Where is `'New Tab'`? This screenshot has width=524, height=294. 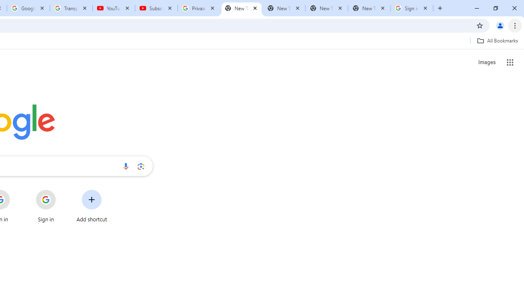 'New Tab' is located at coordinates (368, 8).